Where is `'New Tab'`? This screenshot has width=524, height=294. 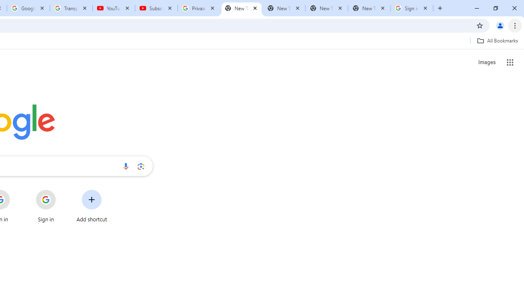 'New Tab' is located at coordinates (368, 8).